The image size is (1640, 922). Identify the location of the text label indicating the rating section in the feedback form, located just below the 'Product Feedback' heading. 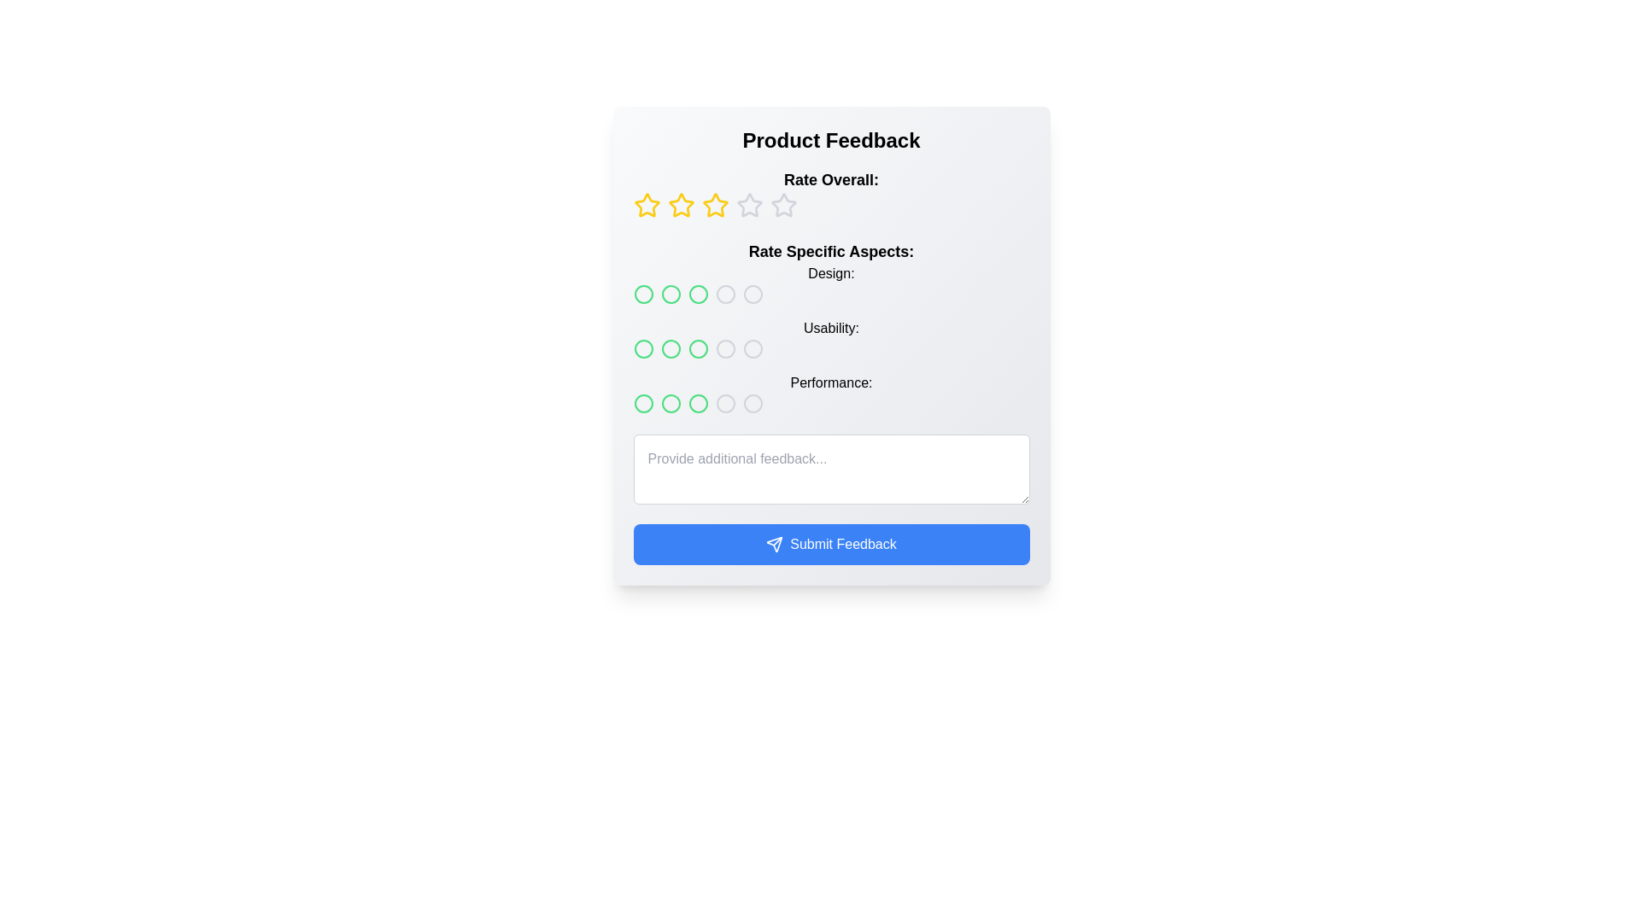
(831, 180).